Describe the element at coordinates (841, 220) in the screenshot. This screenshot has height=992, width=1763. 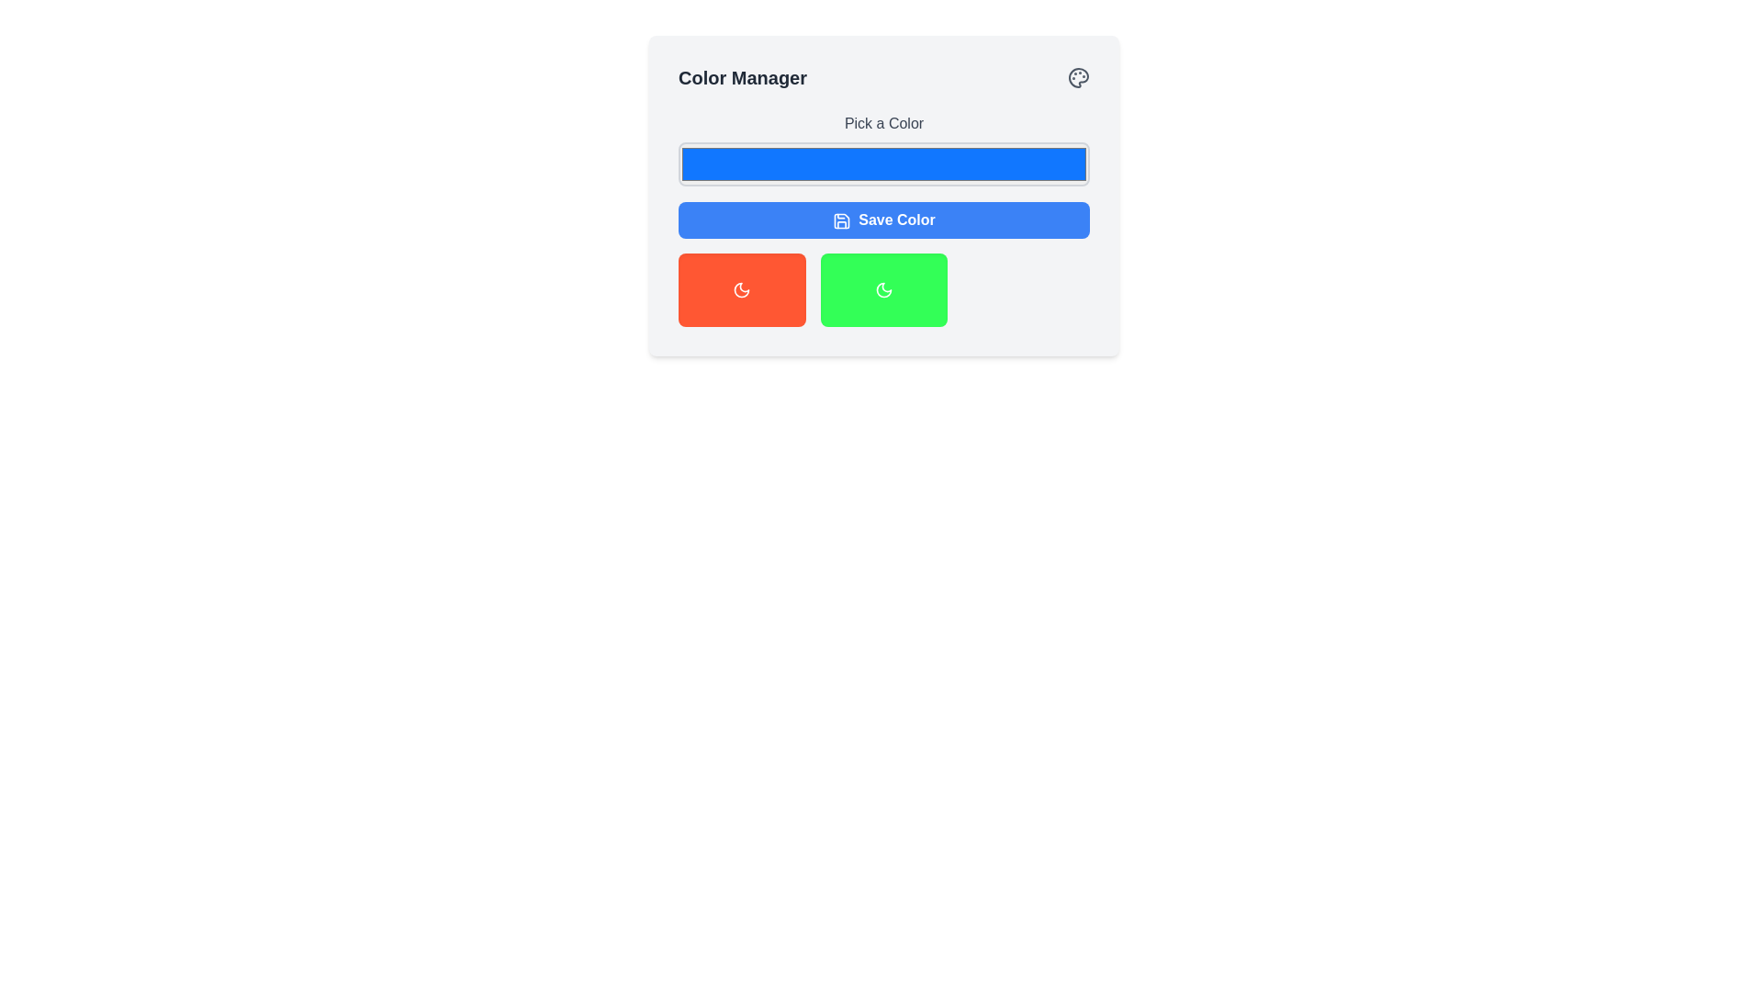
I see `the save icon, which resembles a diskette and is located to the left of the 'Save Color' text label` at that location.